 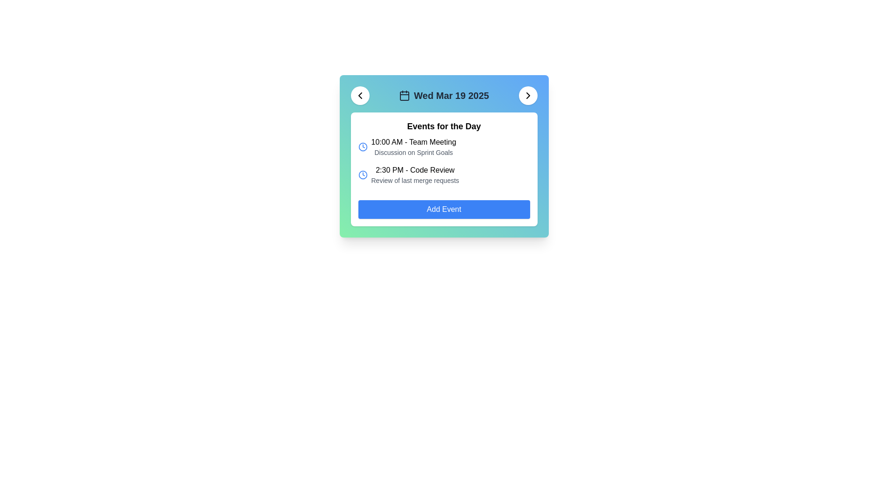 I want to click on the text label displaying '10:00 AM - Team Meeting', which is the first item in the 'Events for the Day' section of the calendar interface, so click(x=413, y=142).